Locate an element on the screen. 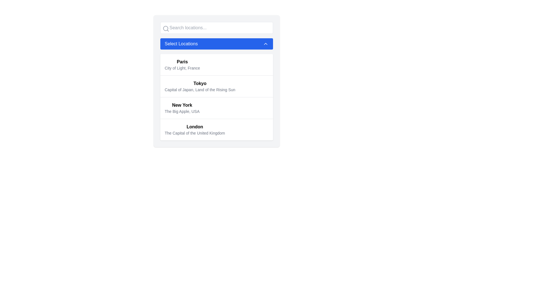 The width and height of the screenshot is (541, 304). the Text Label displaying 'Paris' located at the top of the 'Select Locations' section, styled prominently in bold font is located at coordinates (182, 62).